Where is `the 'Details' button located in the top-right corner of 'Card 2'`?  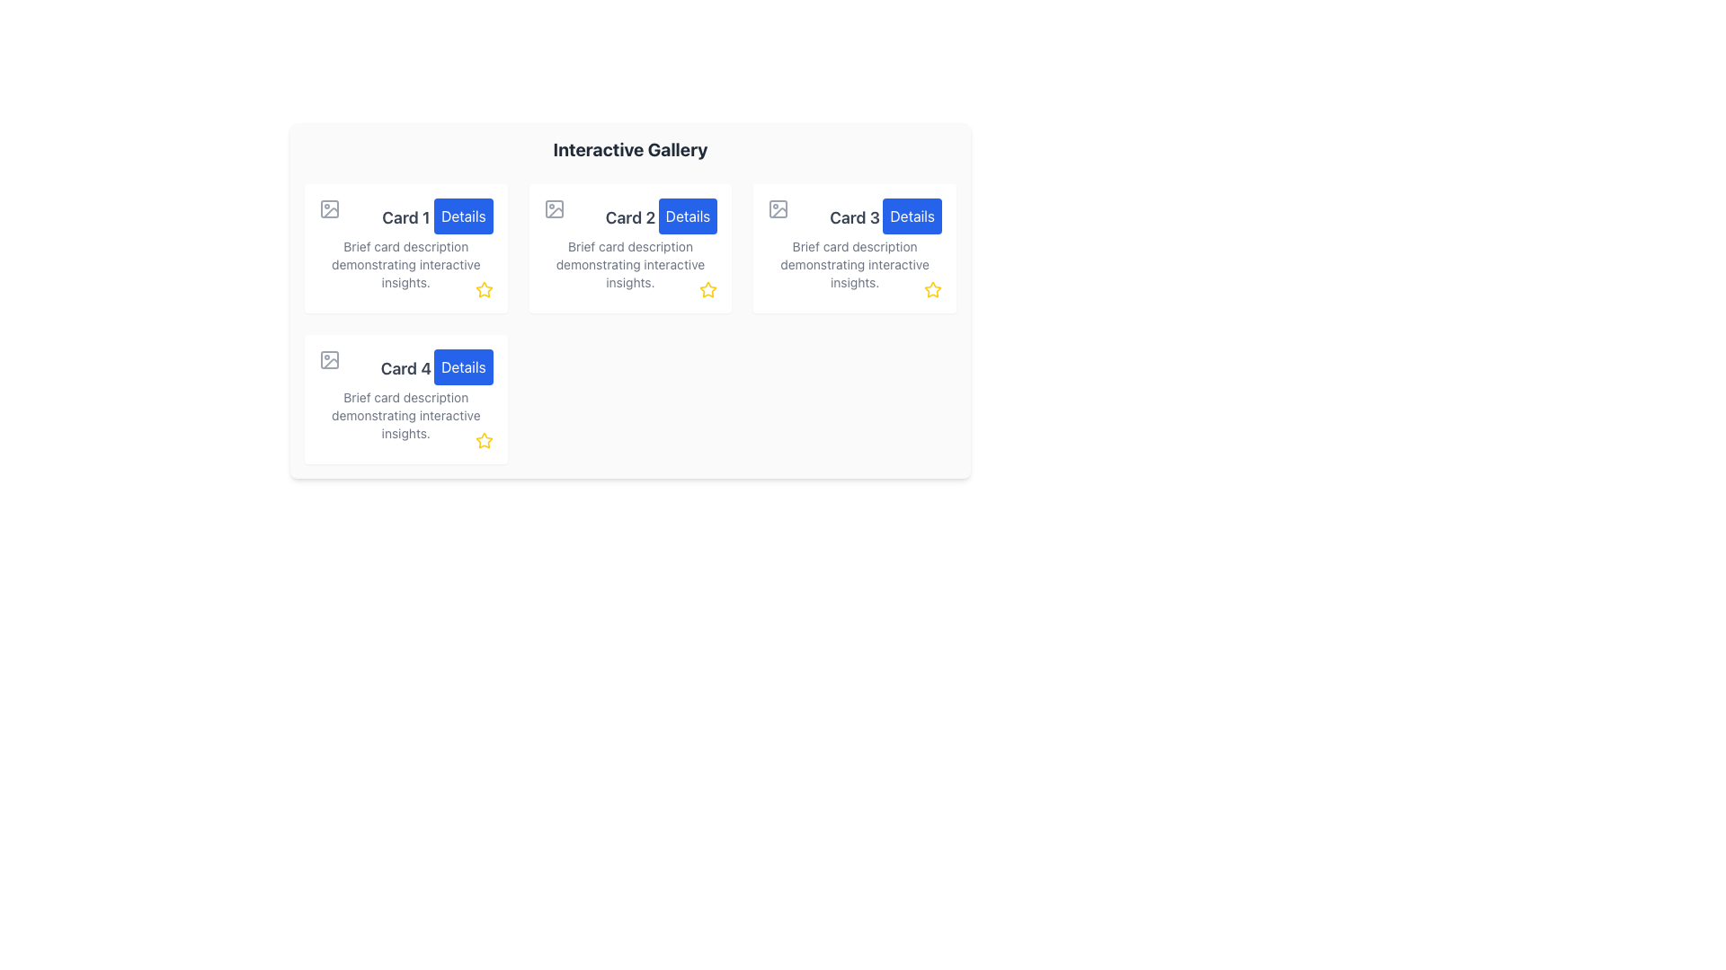 the 'Details' button located in the top-right corner of 'Card 2' is located at coordinates (687, 215).